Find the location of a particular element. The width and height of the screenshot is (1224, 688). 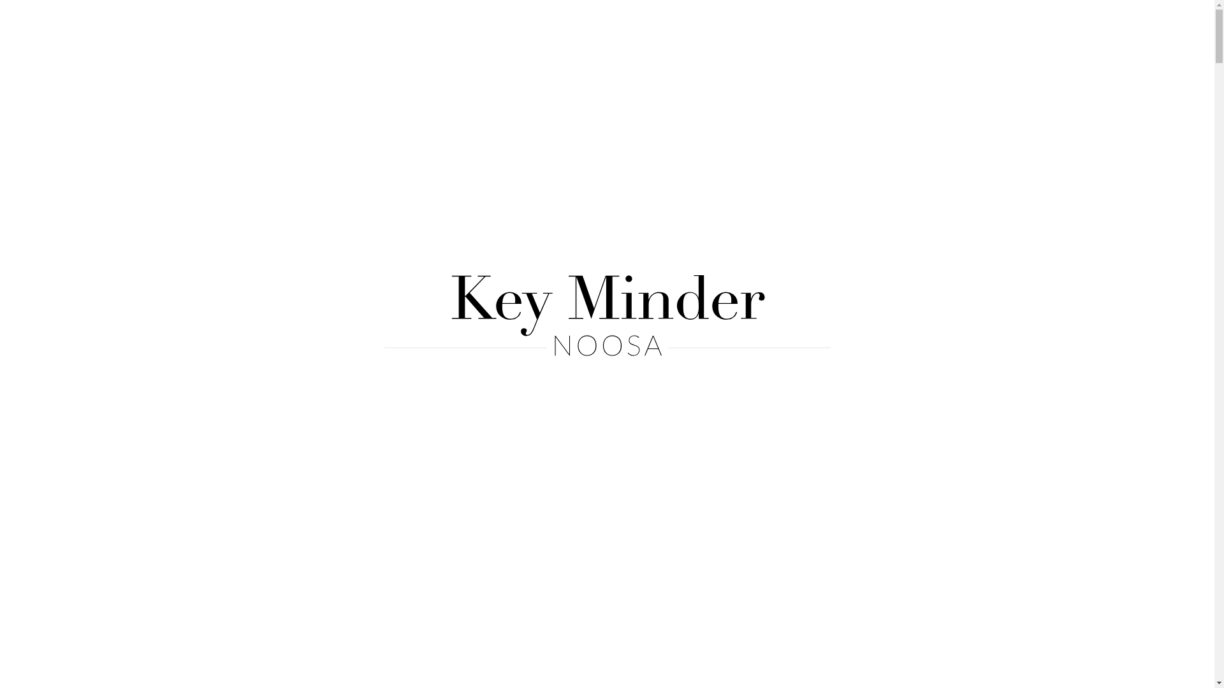

'KEY MINDER NOOSA' is located at coordinates (301, 22).